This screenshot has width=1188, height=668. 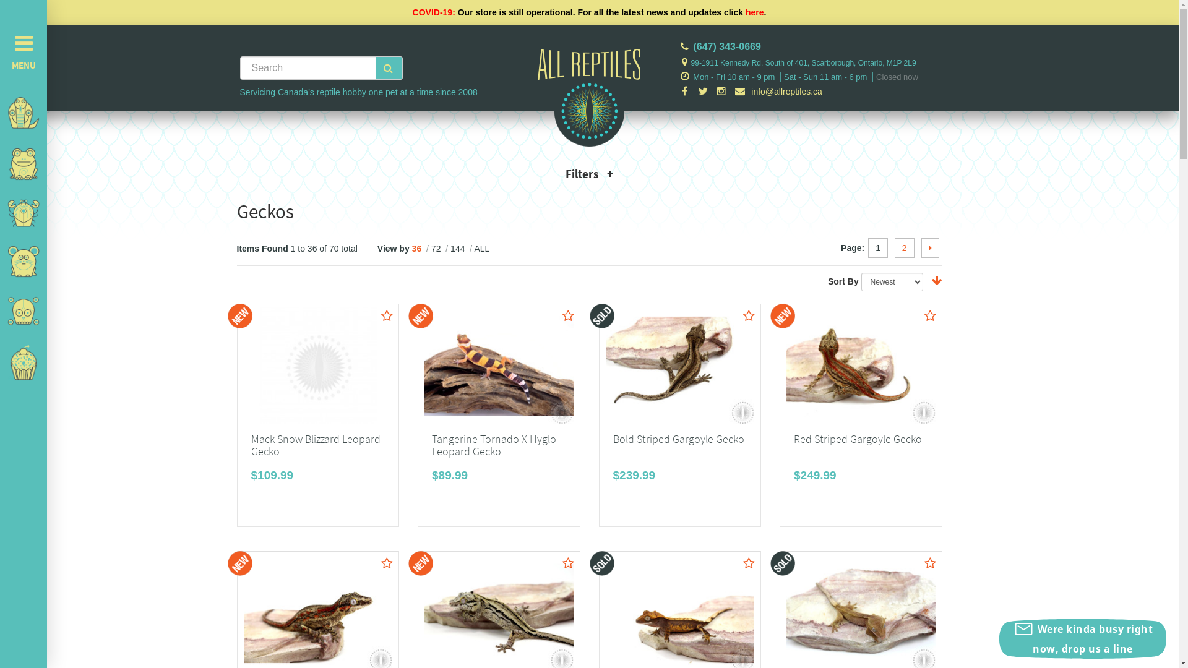 What do you see at coordinates (1082, 639) in the screenshot?
I see `'Were kinda busy right now, drop us a line'` at bounding box center [1082, 639].